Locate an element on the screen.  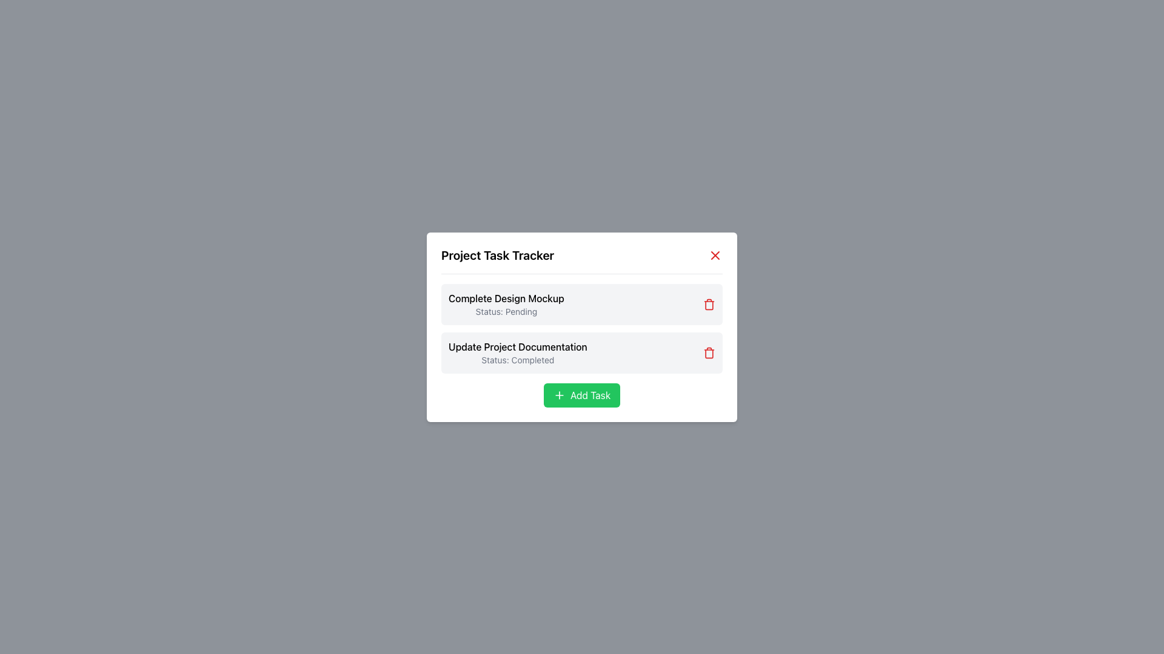
the text label displaying 'Status: Pending', which is located beneath 'Complete Design Mockup' in the task list interface is located at coordinates (506, 311).